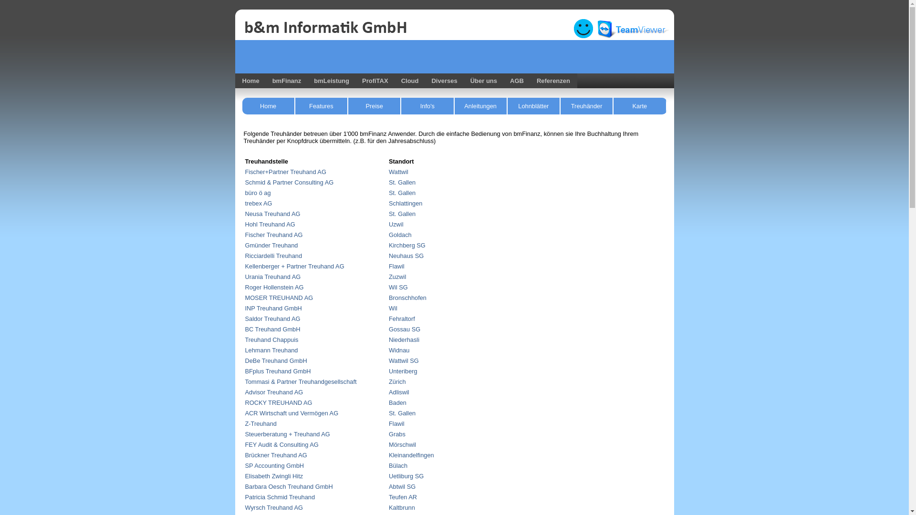 Image resolution: width=916 pixels, height=515 pixels. What do you see at coordinates (276, 360) in the screenshot?
I see `'DeBe Treuhand GmbH'` at bounding box center [276, 360].